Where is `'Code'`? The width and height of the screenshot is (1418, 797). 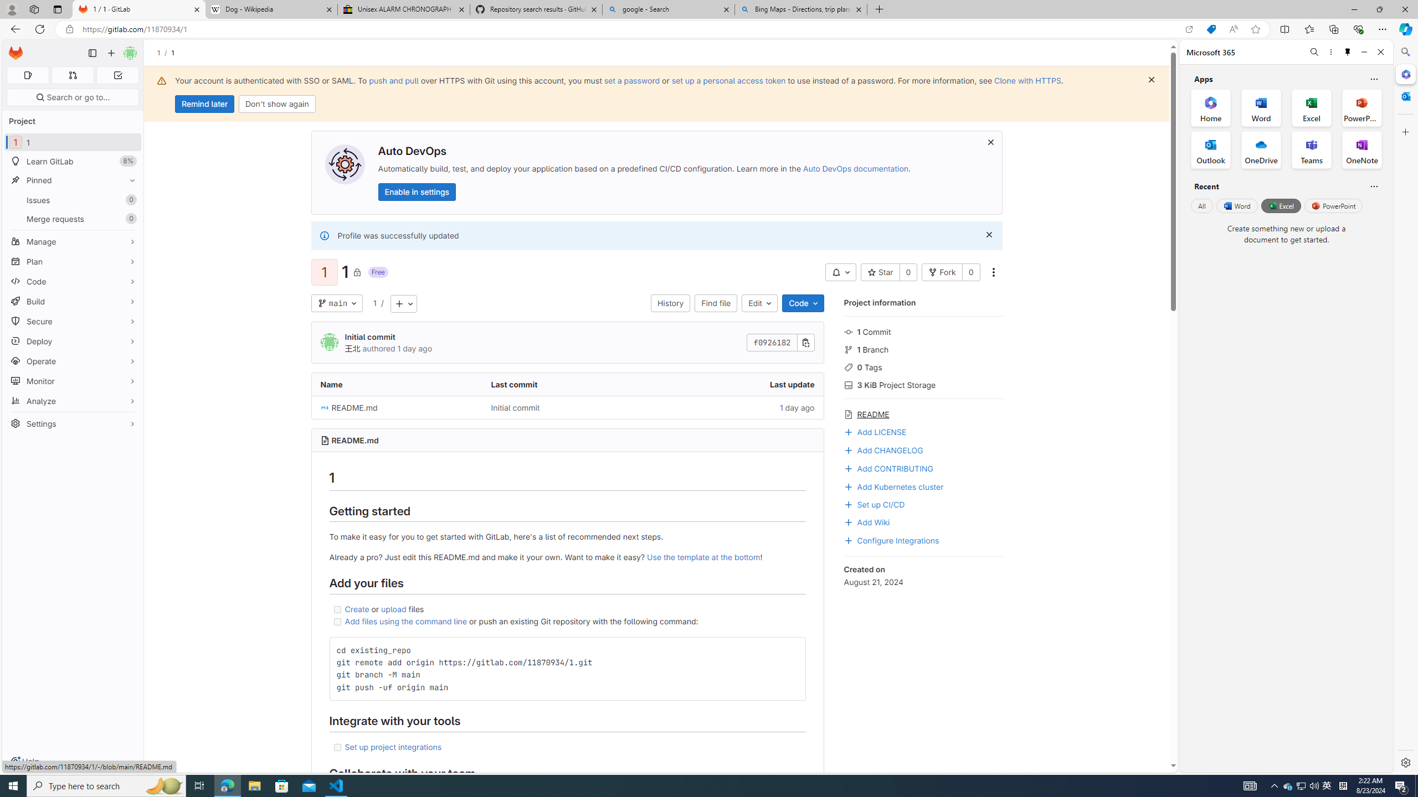 'Code' is located at coordinates (803, 303).